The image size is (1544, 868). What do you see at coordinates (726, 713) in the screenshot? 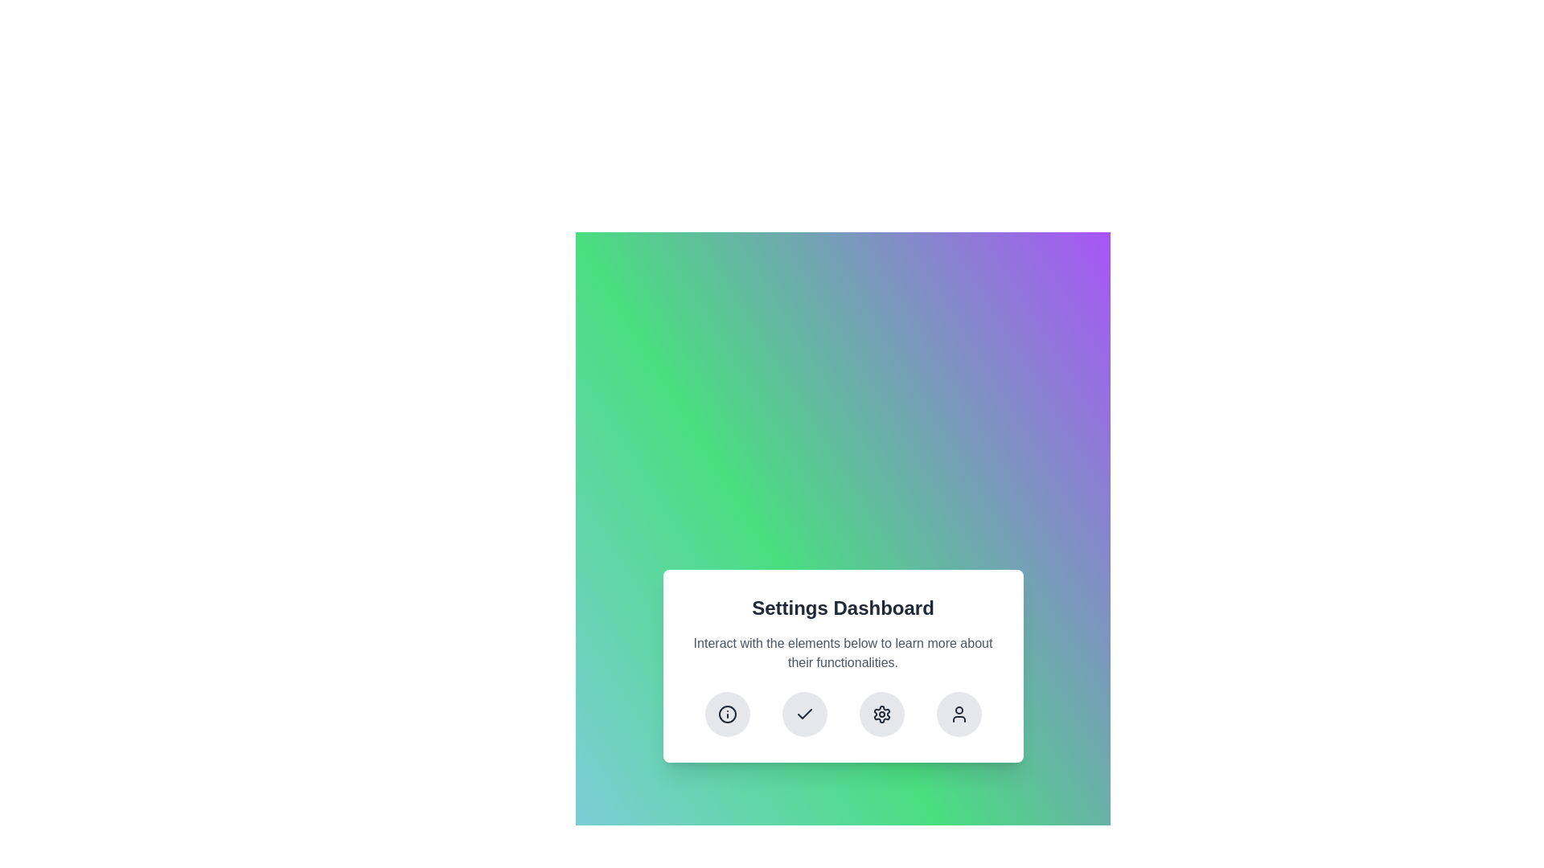
I see `the first information icon on the bottom of the Settings Dashboard panel` at bounding box center [726, 713].